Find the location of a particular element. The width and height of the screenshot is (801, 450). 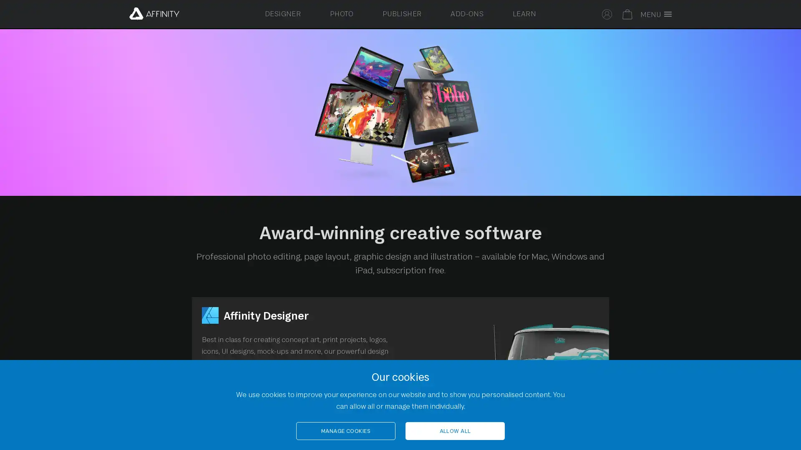

Select to sign in to your Affinity account is located at coordinates (607, 13).